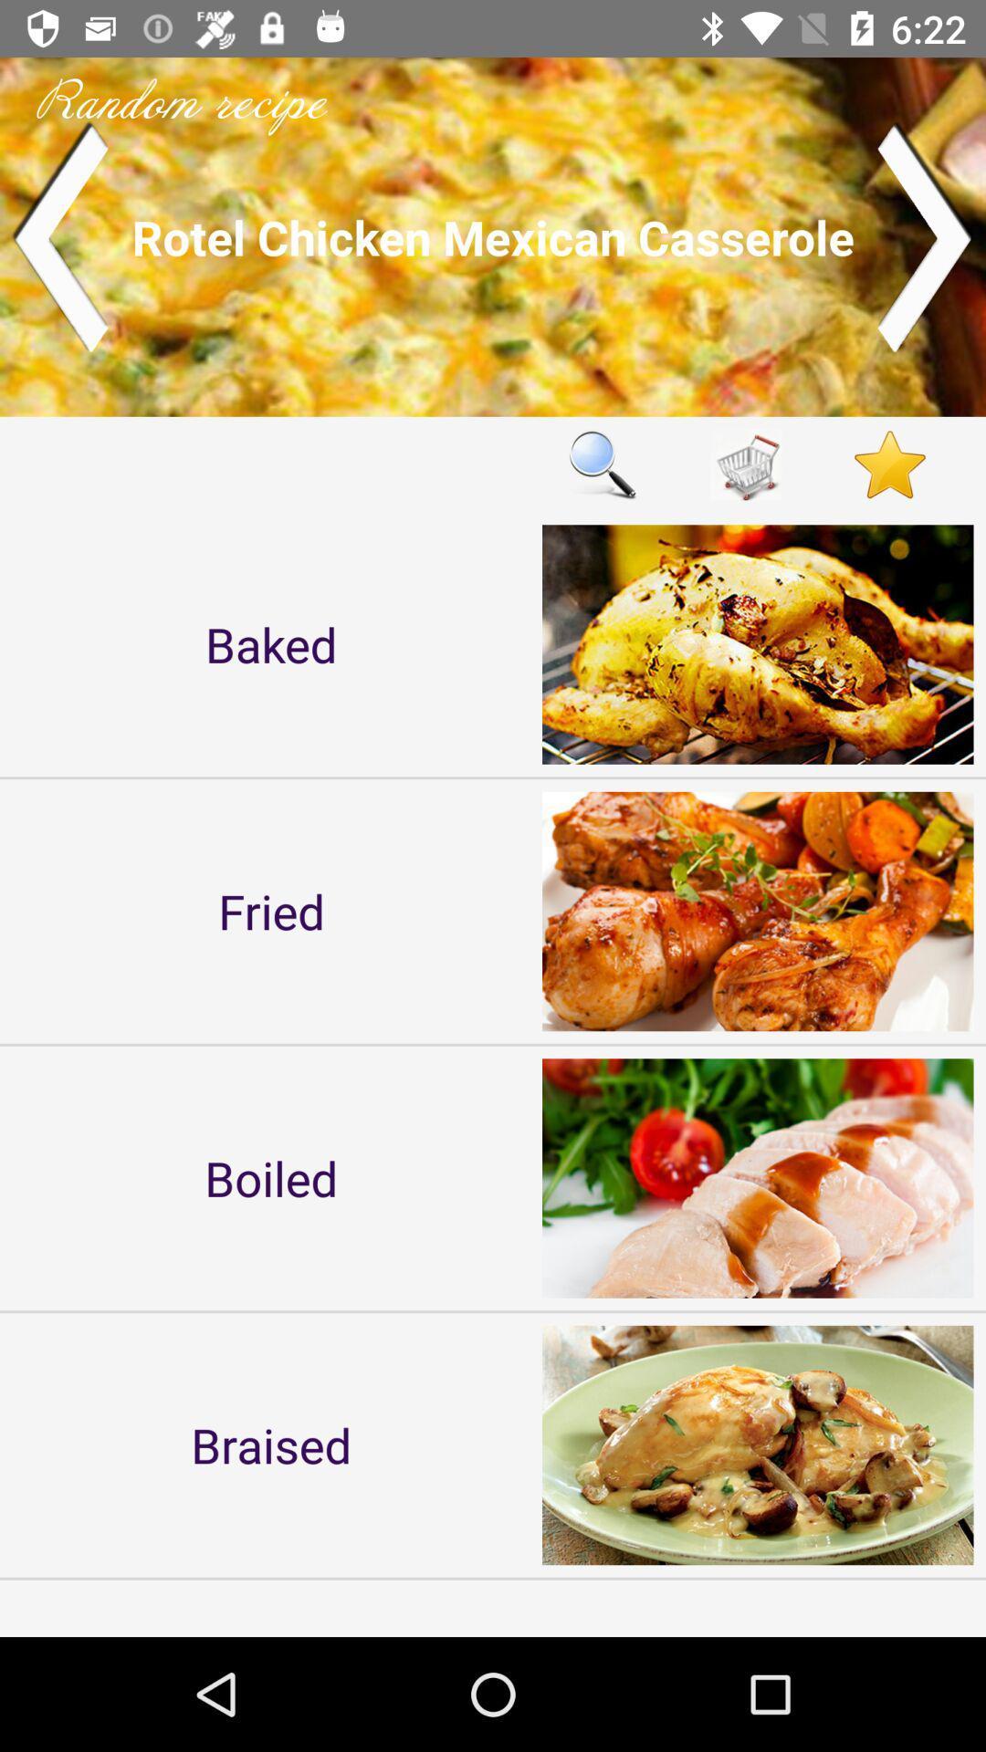  What do you see at coordinates (271, 644) in the screenshot?
I see `baked item` at bounding box center [271, 644].